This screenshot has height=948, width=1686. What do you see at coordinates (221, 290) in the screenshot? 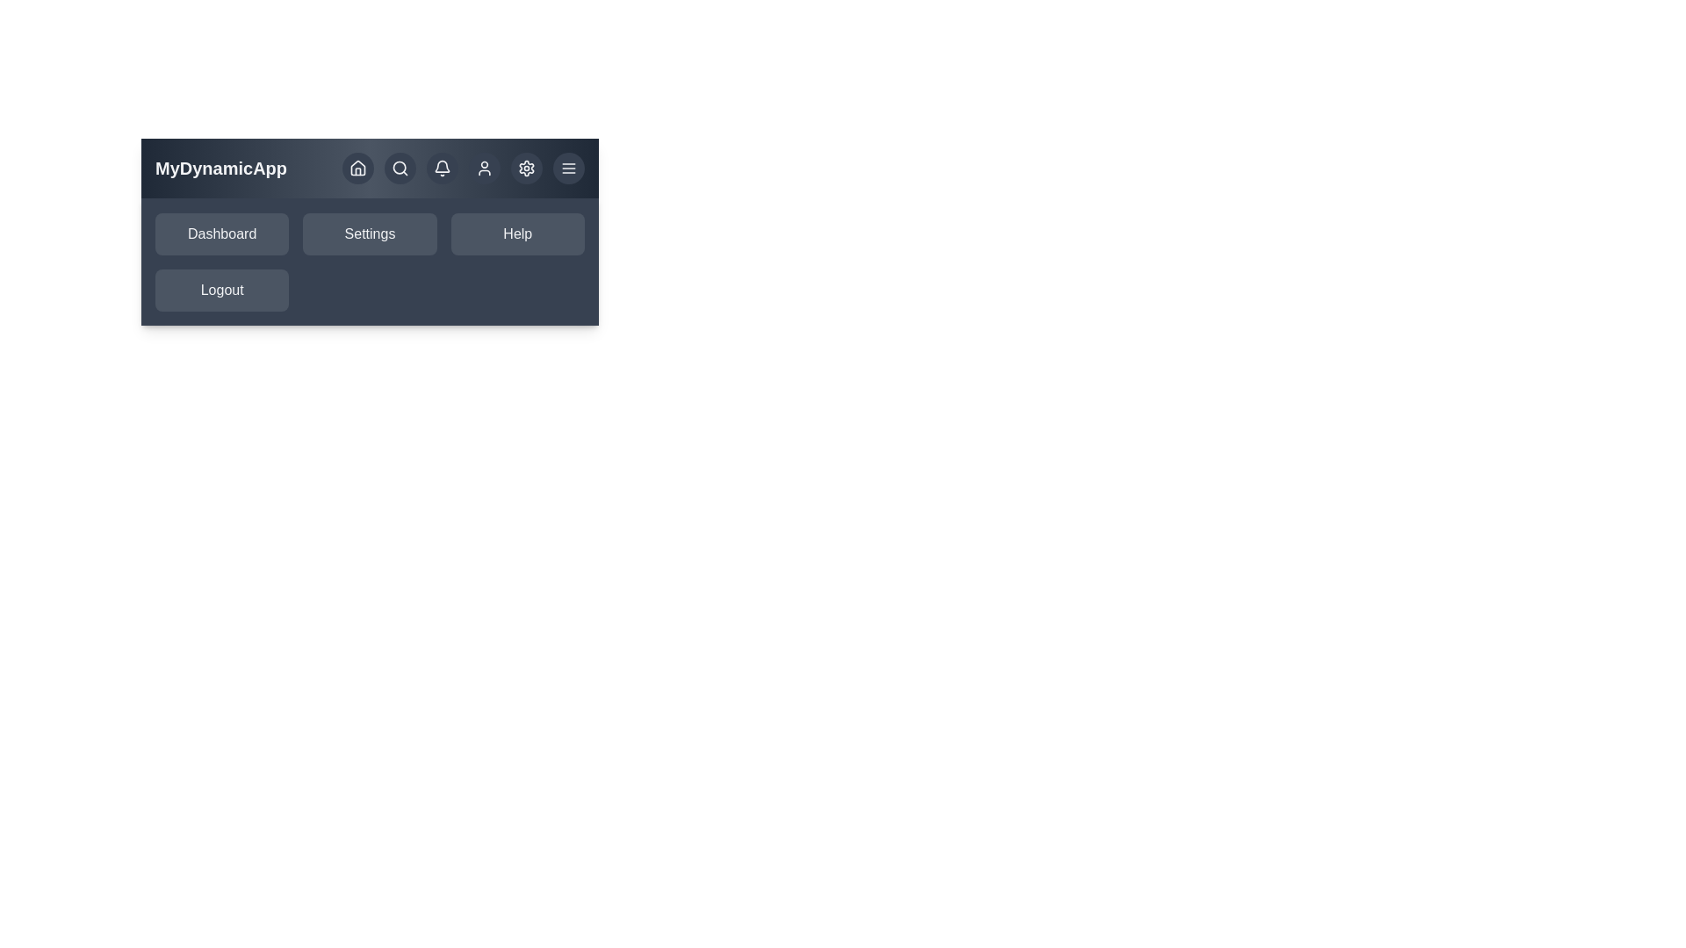
I see `the Logout from the menu` at bounding box center [221, 290].